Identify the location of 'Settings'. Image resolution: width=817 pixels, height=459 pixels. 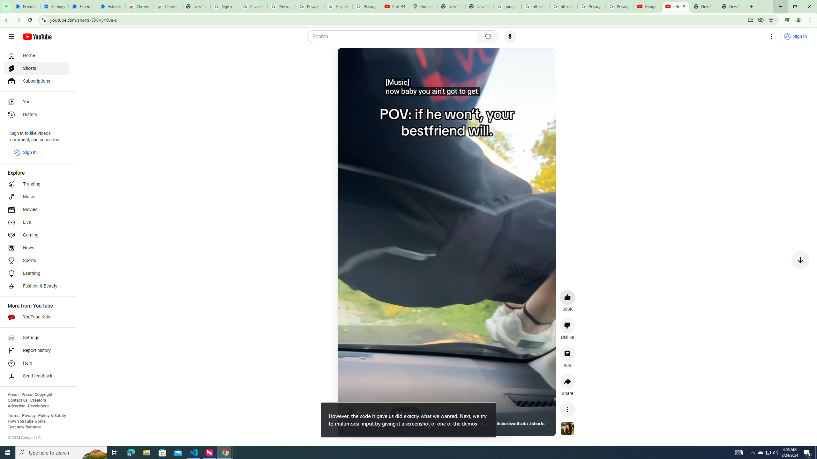
(36, 337).